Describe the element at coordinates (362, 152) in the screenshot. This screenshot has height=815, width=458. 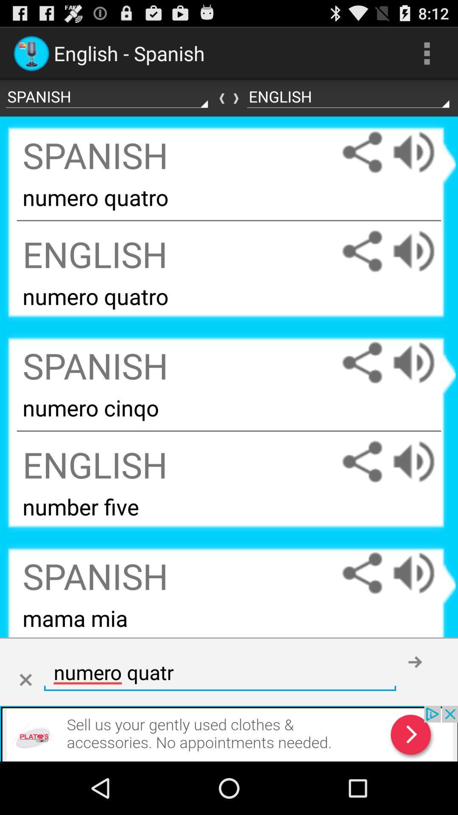
I see `share spanish numero quatro` at that location.